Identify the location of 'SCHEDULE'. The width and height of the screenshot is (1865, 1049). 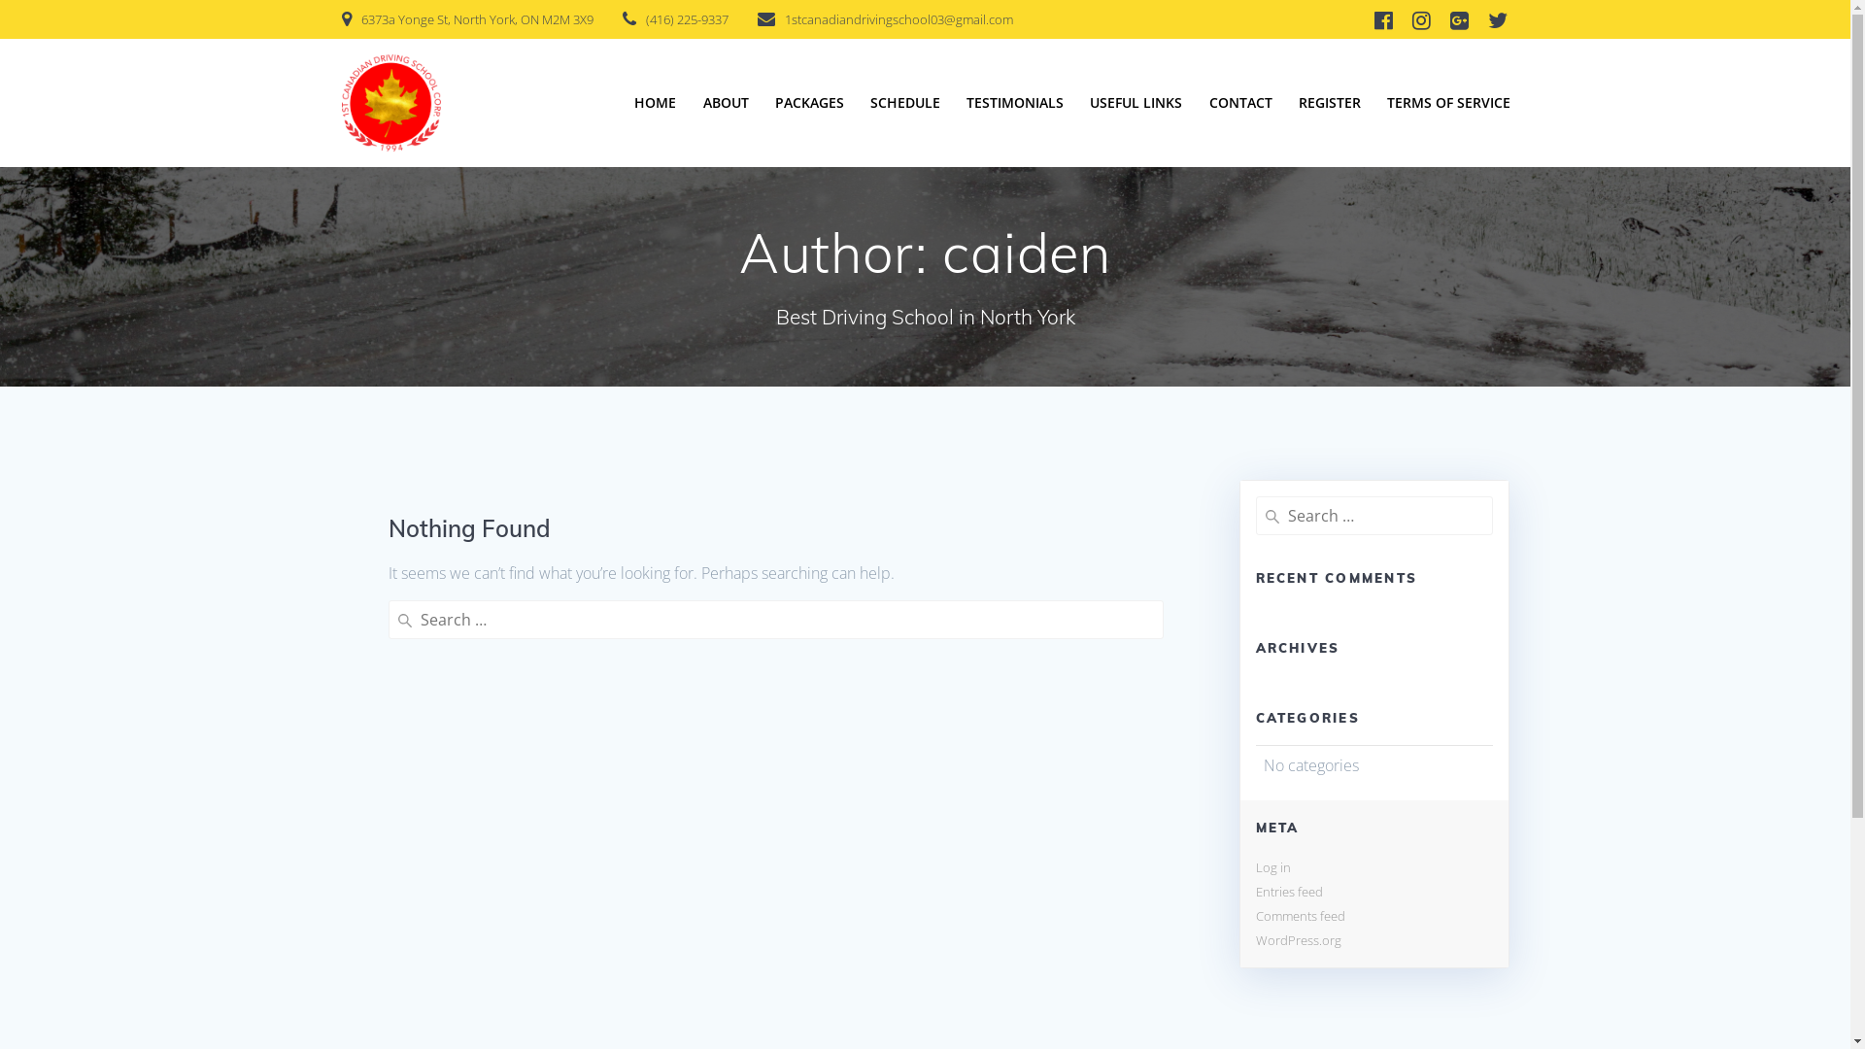
(903, 102).